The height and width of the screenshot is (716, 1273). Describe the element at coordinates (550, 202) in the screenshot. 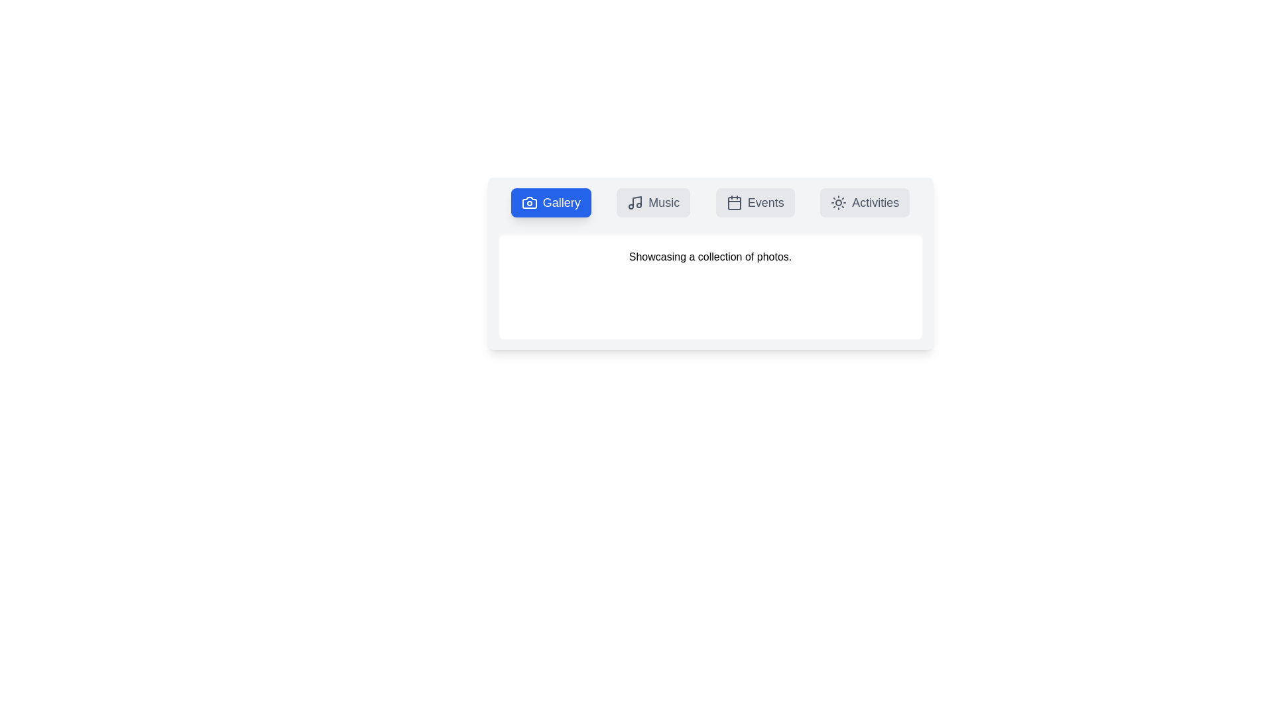

I see `the tab labeled Gallery` at that location.